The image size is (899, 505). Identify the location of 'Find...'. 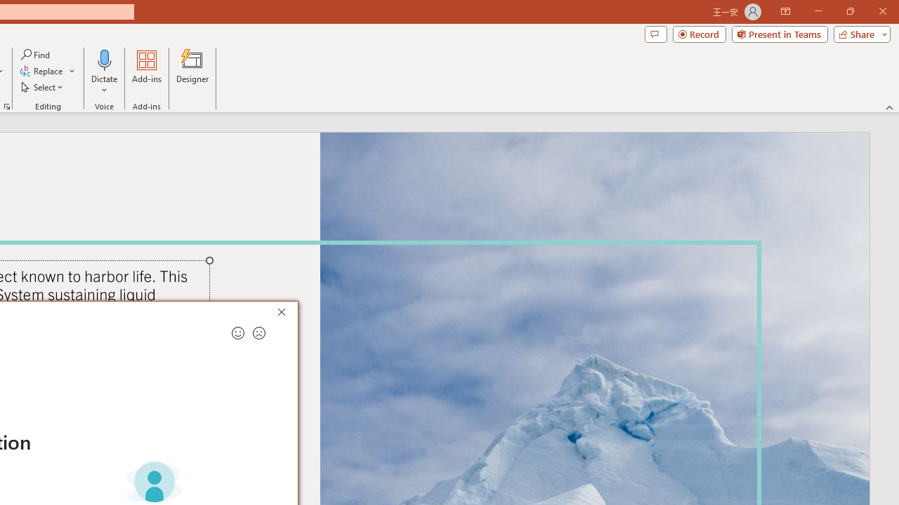
(36, 54).